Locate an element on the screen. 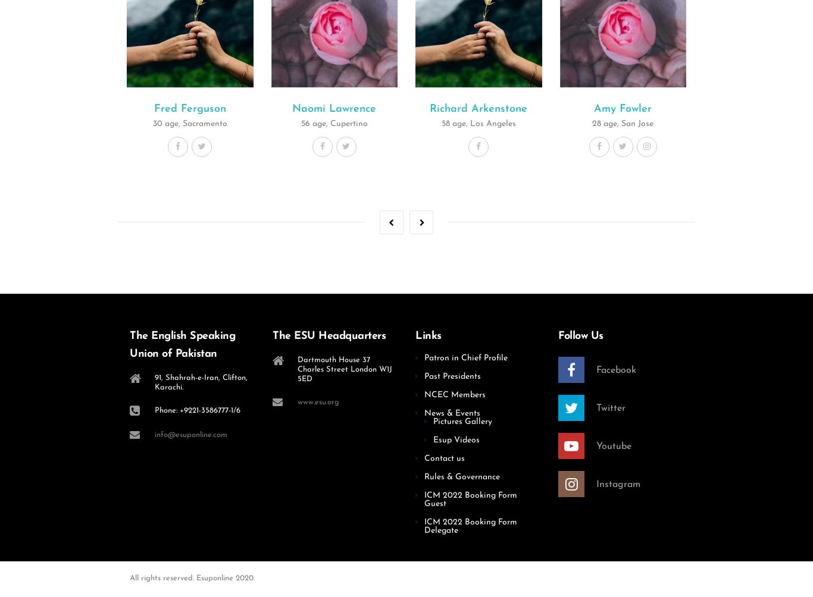 Image resolution: width=813 pixels, height=597 pixels. 'The English Speaking Union of Pakistan' is located at coordinates (182, 344).